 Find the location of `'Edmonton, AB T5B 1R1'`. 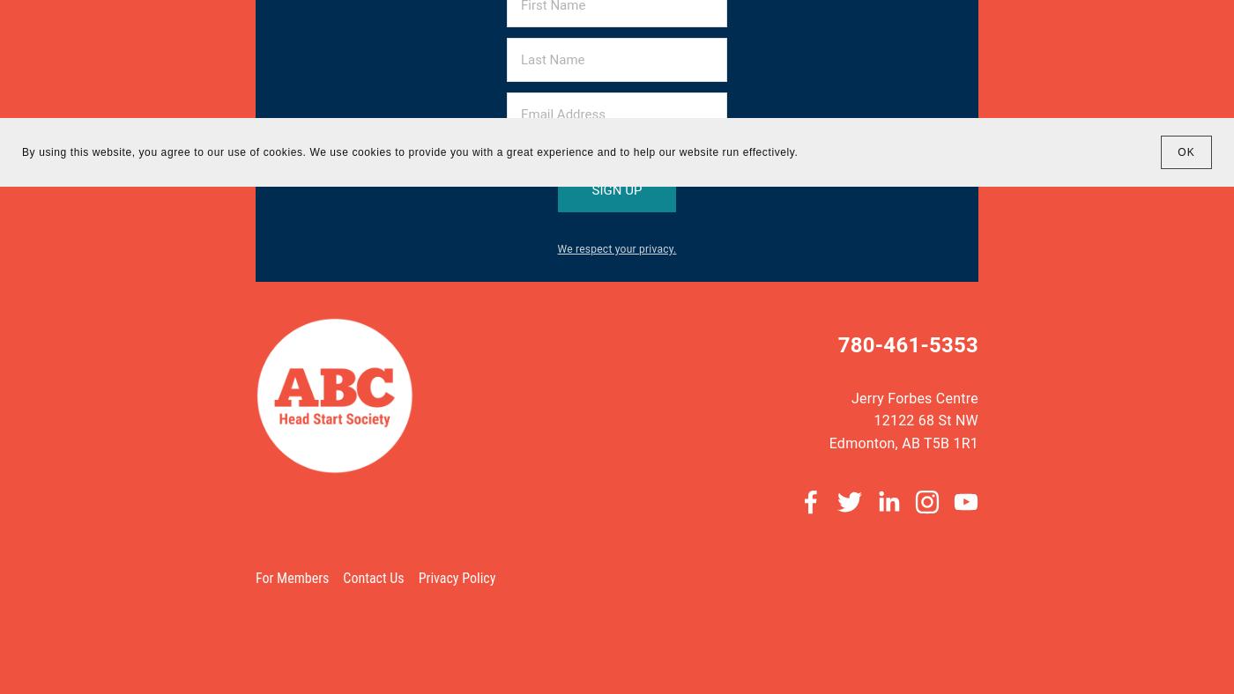

'Edmonton, AB T5B 1R1' is located at coordinates (903, 442).